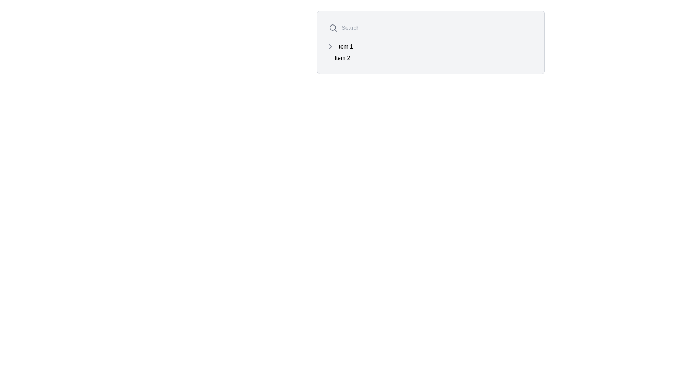 The height and width of the screenshot is (383, 681). What do you see at coordinates (330, 46) in the screenshot?
I see `the Chevron Arrow icon located to the left of 'Item 1' in the vertical list` at bounding box center [330, 46].